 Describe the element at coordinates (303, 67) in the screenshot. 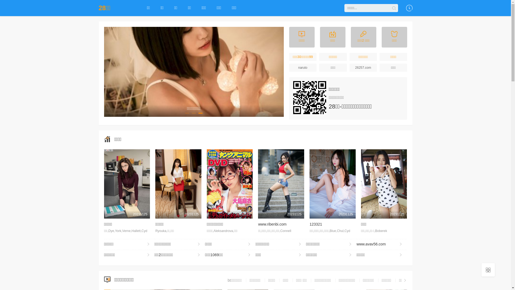

I see `'naruto'` at that location.